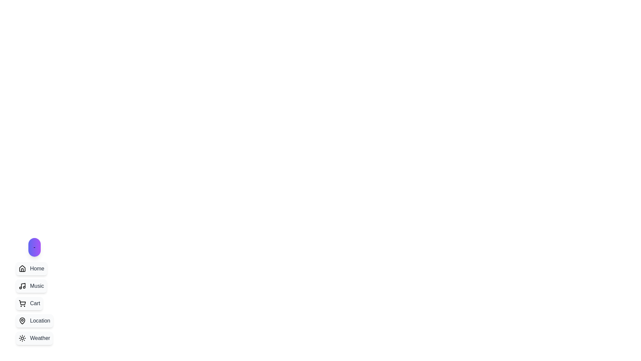 This screenshot has height=361, width=641. I want to click on the 'Location' button, so click(22, 321).